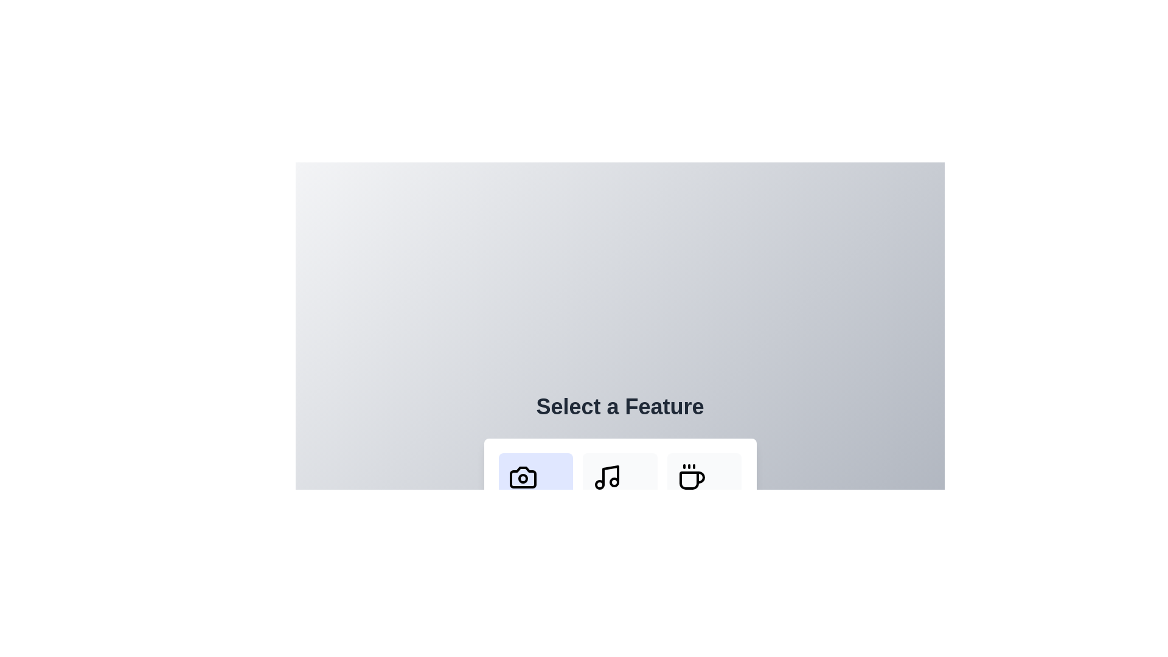  I want to click on the small circle that is part of the Music icon located at the bottom section of the interface, specifically the left circle of the two circles within this icon, so click(600, 484).